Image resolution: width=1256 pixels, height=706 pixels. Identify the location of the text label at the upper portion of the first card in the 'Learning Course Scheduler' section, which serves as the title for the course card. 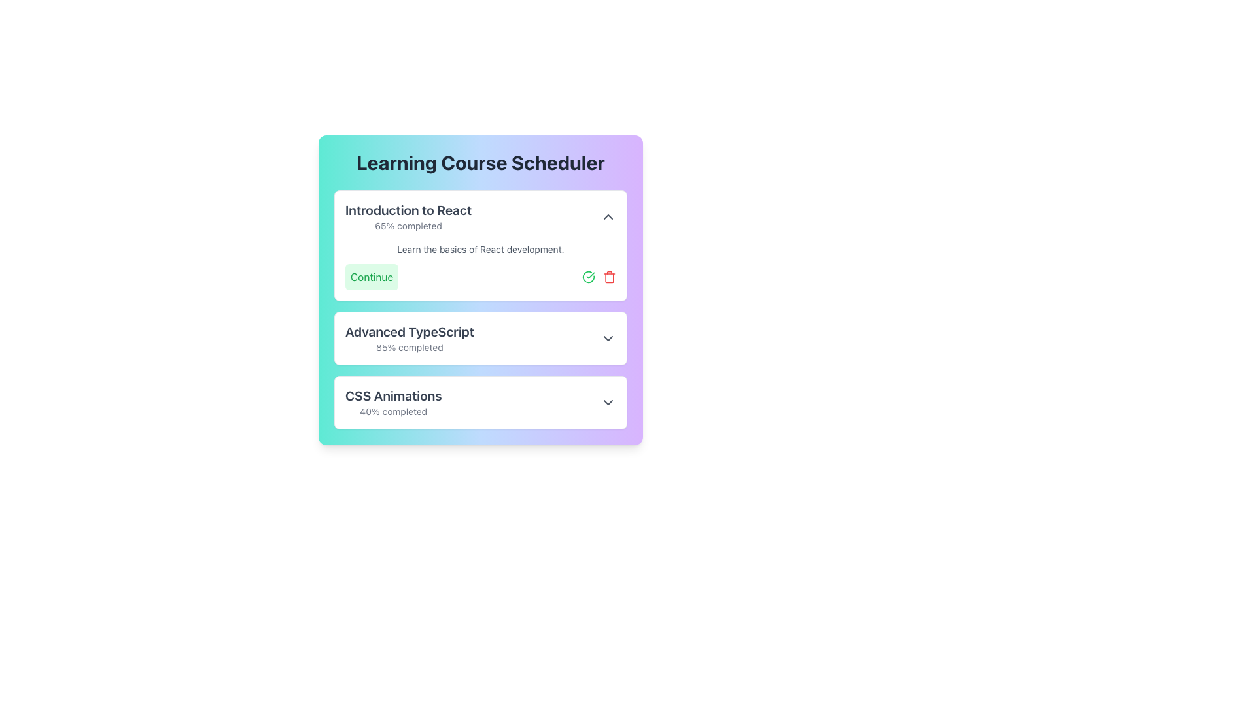
(408, 209).